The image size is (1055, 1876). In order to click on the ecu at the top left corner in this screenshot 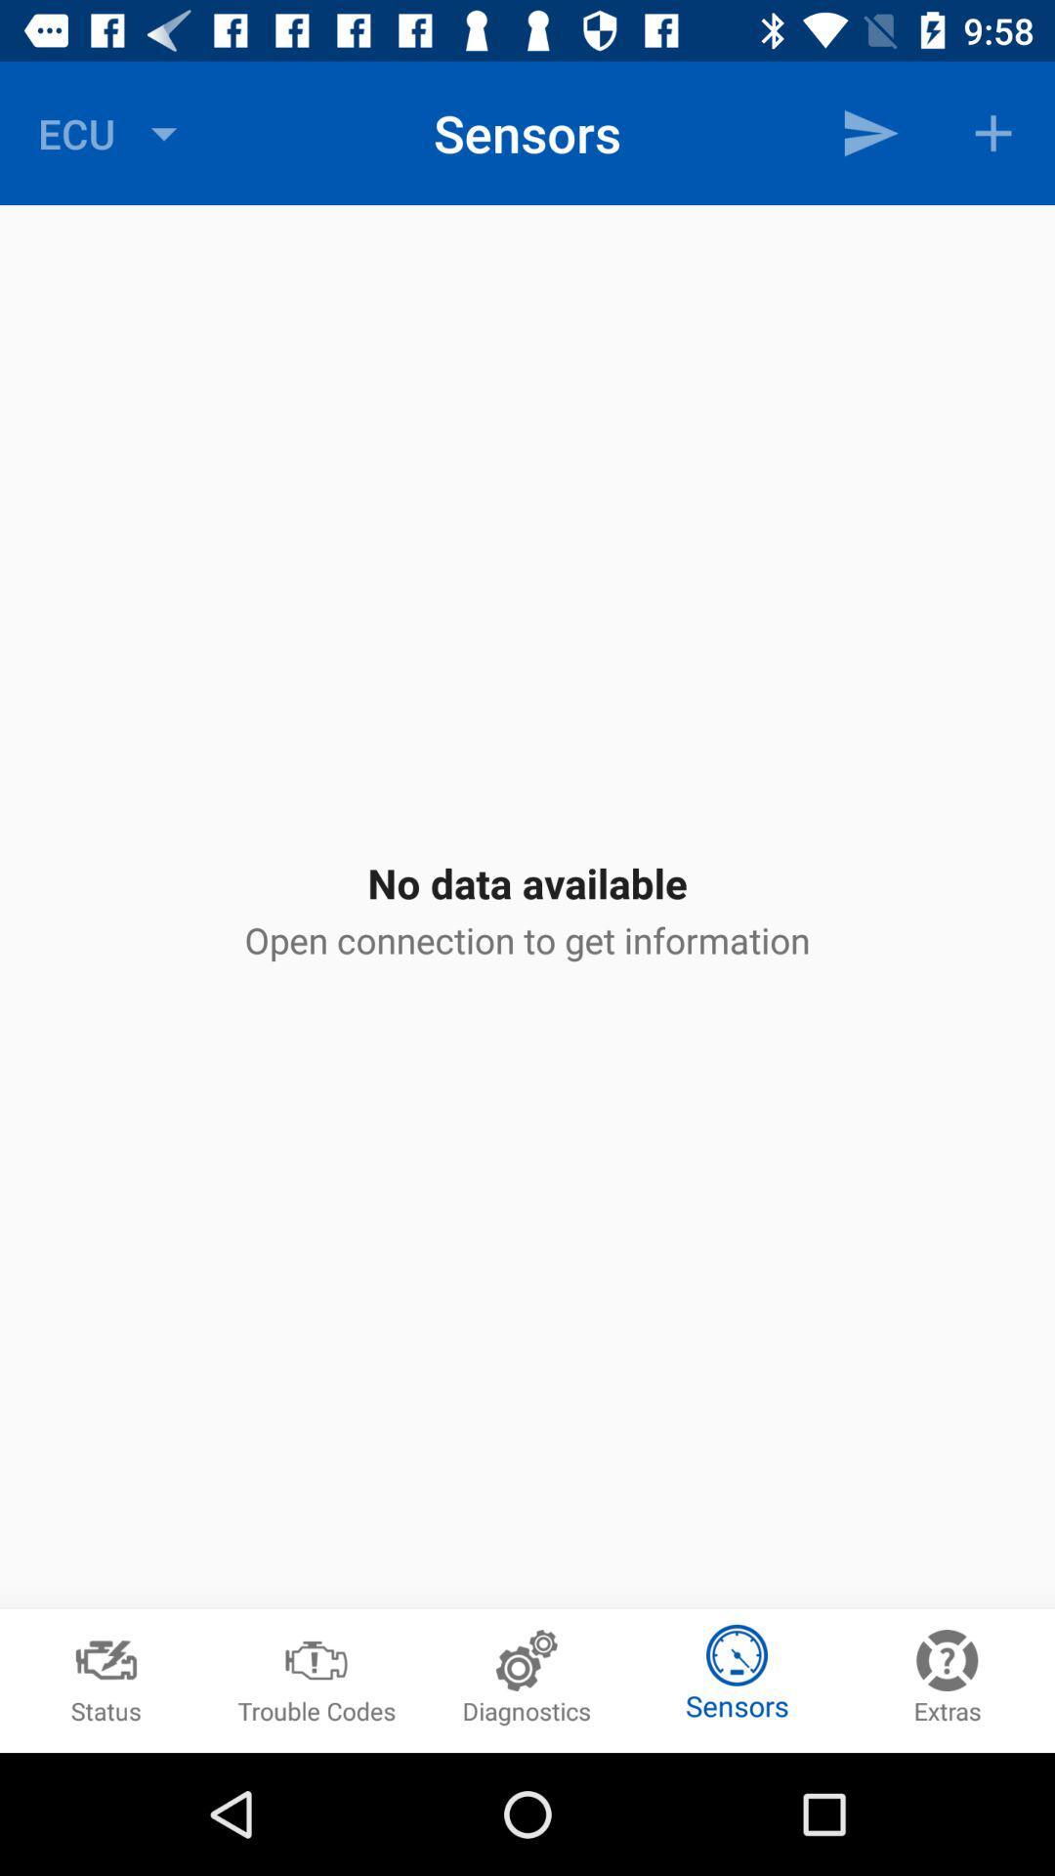, I will do `click(112, 132)`.